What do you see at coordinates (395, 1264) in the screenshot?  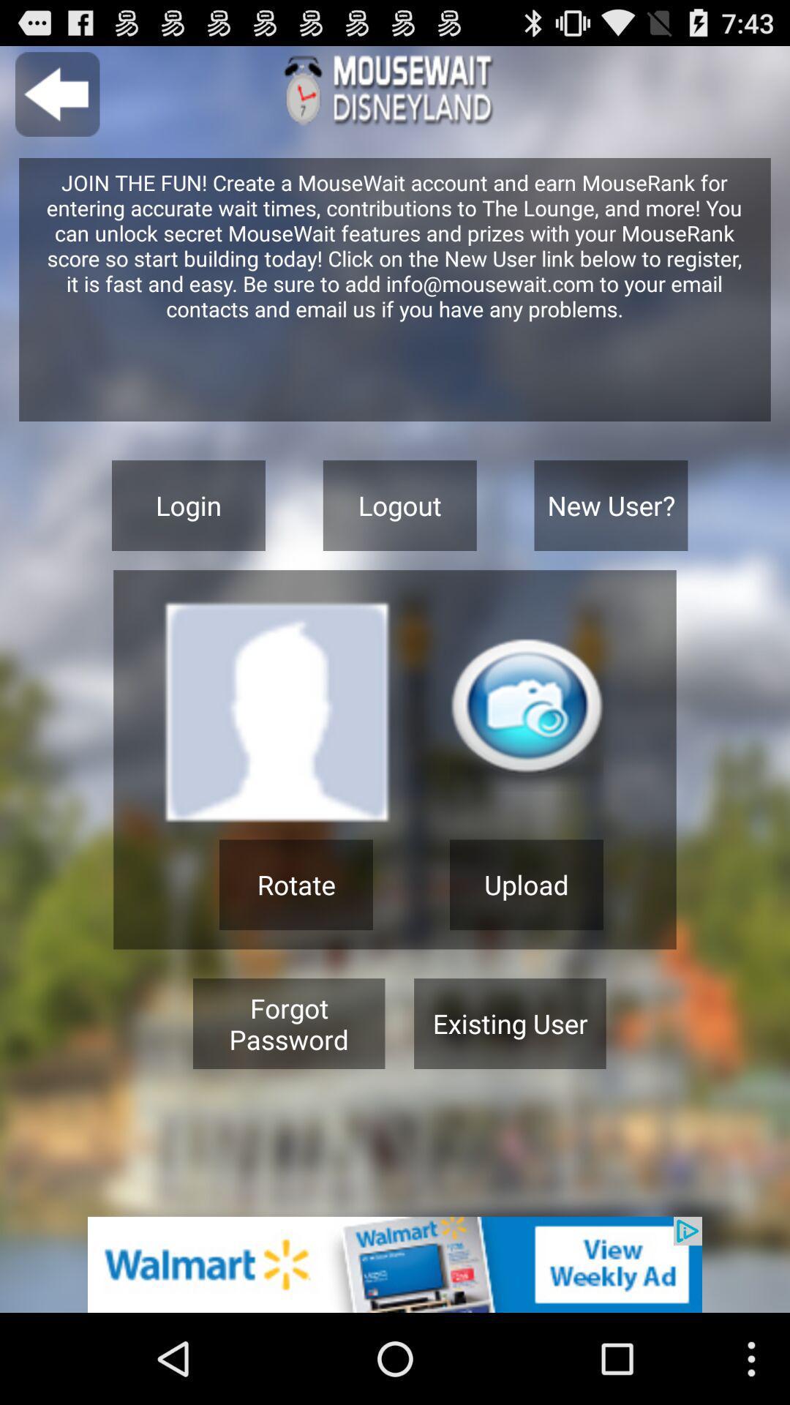 I see `advertisement` at bounding box center [395, 1264].